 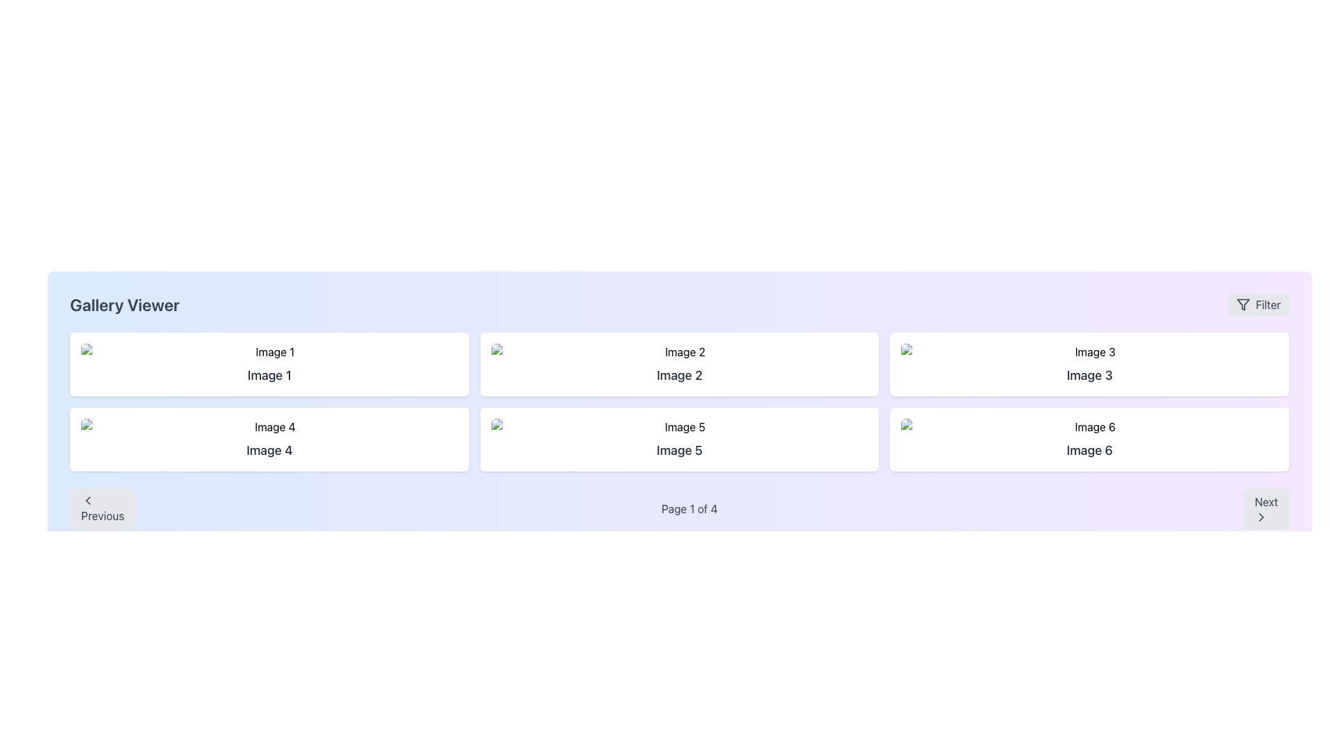 I want to click on right-pointing arrow of the 'Next' button located at the bottom-right corner of the interface for style and placement, so click(x=1261, y=517).